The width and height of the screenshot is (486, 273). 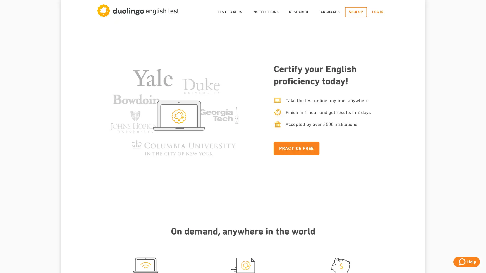 What do you see at coordinates (466, 262) in the screenshot?
I see `Help` at bounding box center [466, 262].